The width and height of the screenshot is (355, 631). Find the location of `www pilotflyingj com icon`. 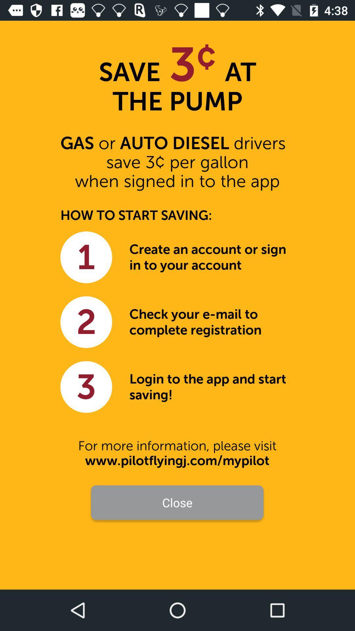

www pilotflyingj com icon is located at coordinates (177, 460).